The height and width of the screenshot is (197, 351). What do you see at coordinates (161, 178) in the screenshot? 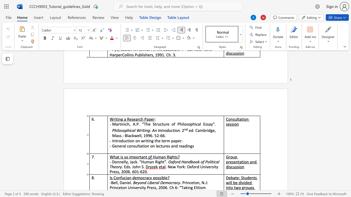
I see `the 2th character "i" in the text` at bounding box center [161, 178].